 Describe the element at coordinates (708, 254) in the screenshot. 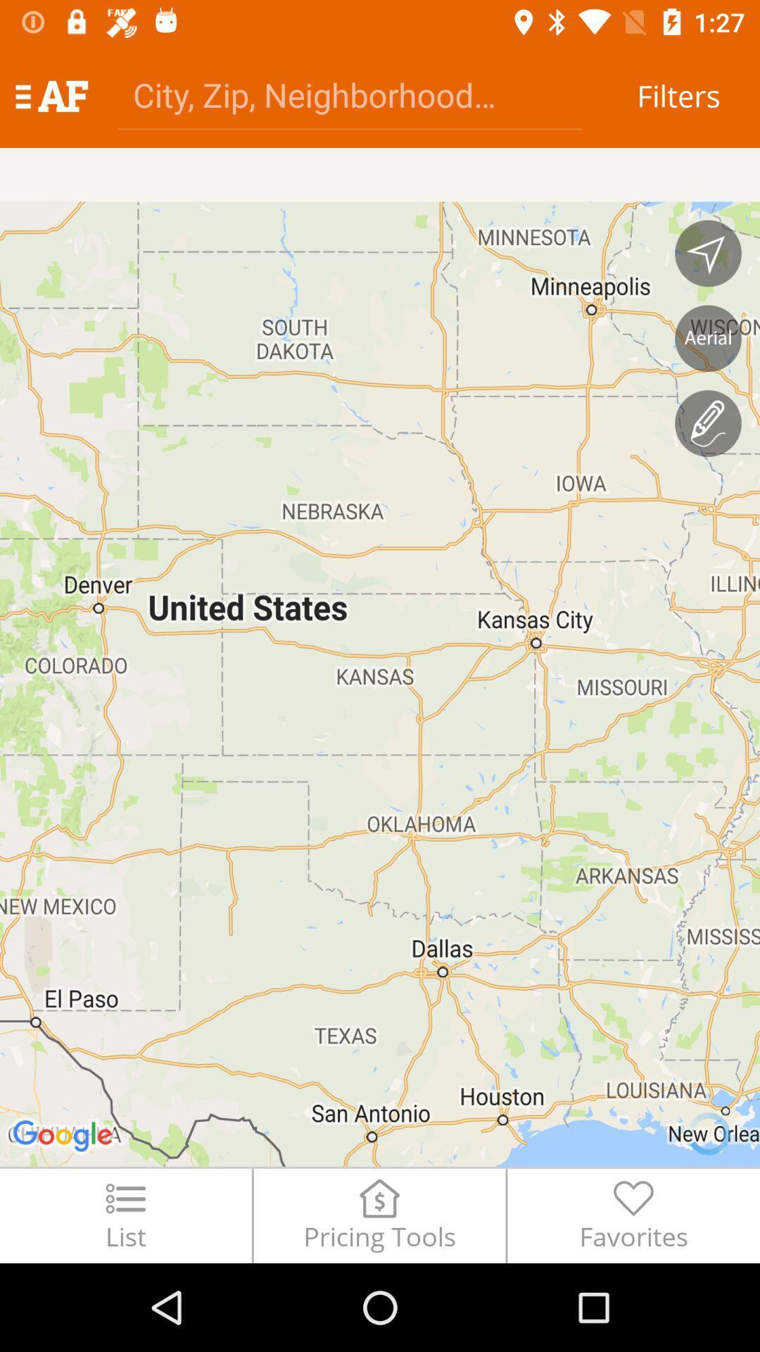

I see `navigation` at that location.